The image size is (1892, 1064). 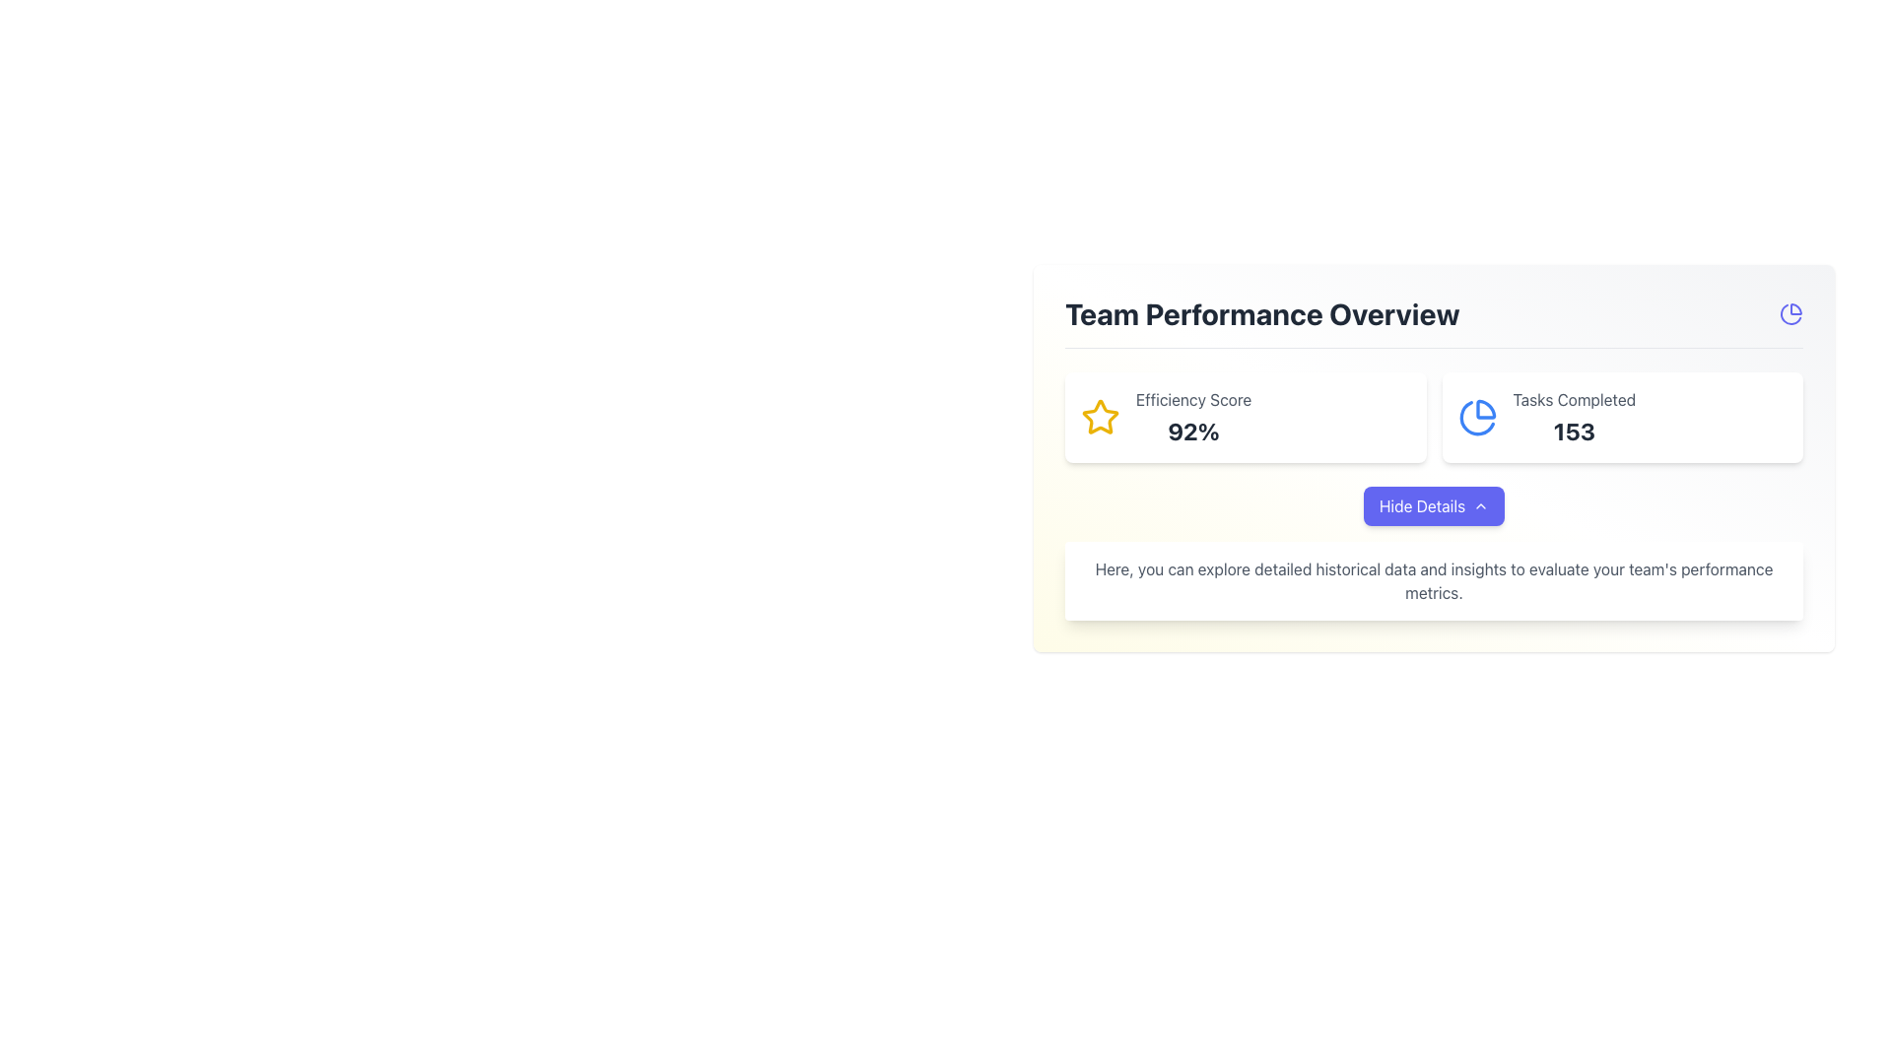 I want to click on informative text block located directly below the 'Hide Details' button in the 'Team Performance Overview' section, which provides context and details related to the team’s performance metrics, so click(x=1434, y=554).